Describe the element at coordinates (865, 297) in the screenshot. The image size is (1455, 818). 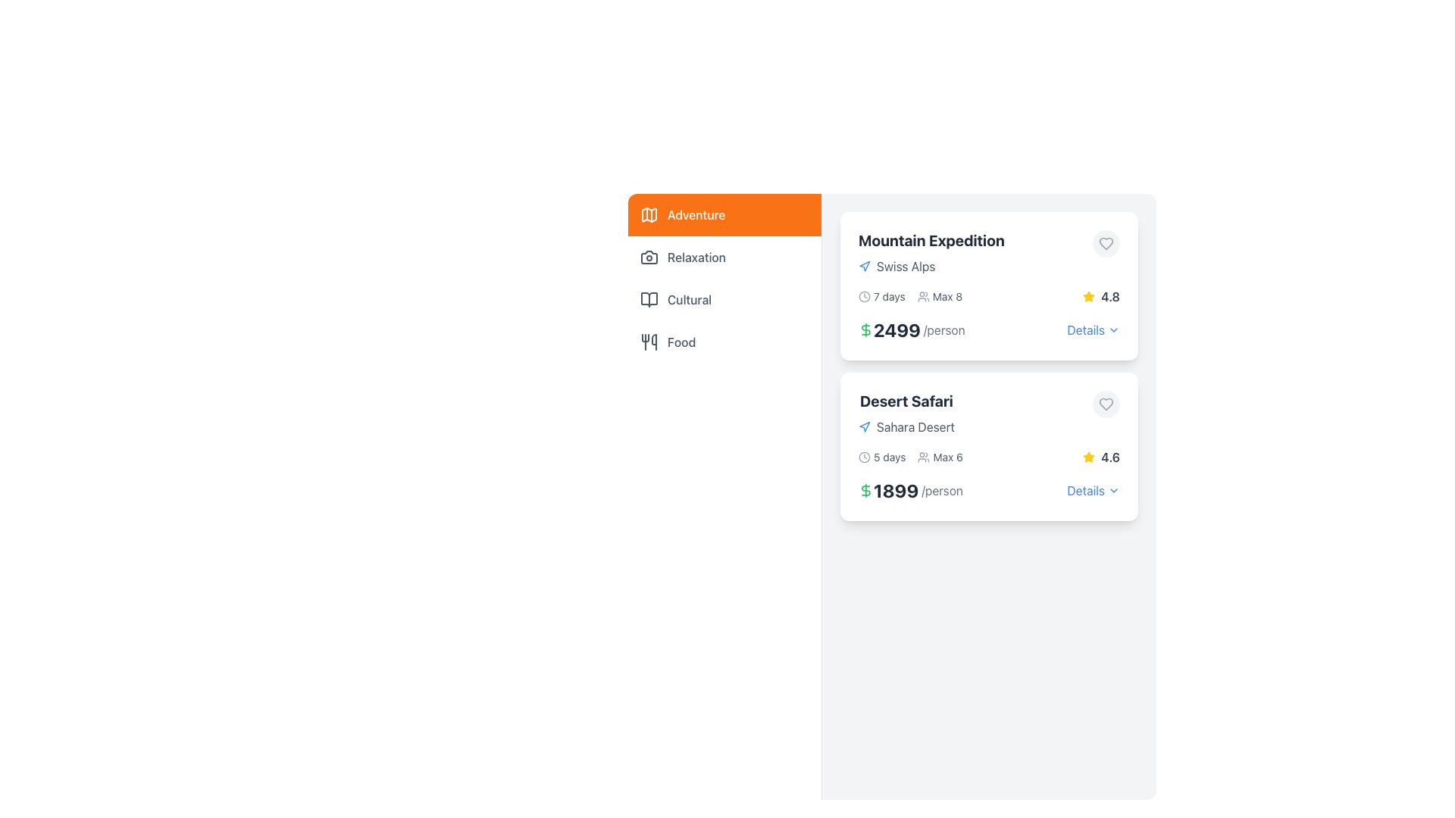
I see `the decorative time-related icon located to the left of the text '7 days' in the 'Mountain Expedition' card` at that location.